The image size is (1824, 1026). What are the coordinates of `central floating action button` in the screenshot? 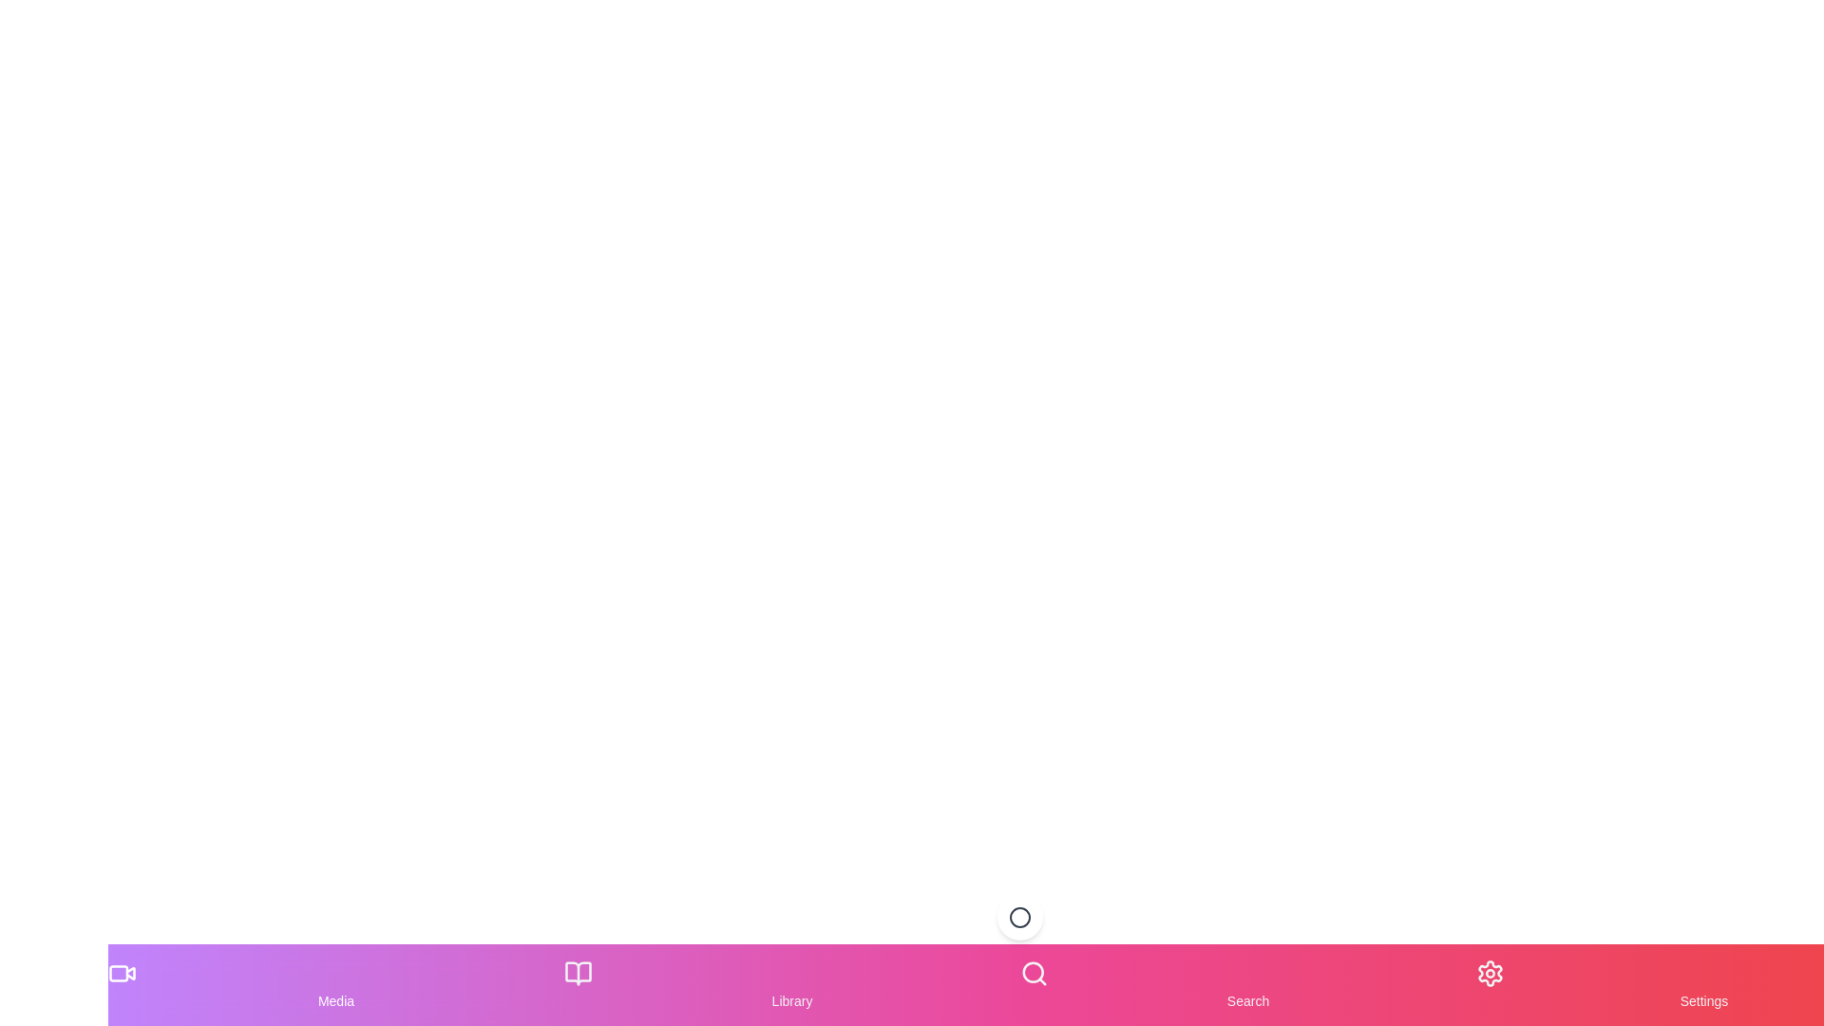 It's located at (1019, 916).